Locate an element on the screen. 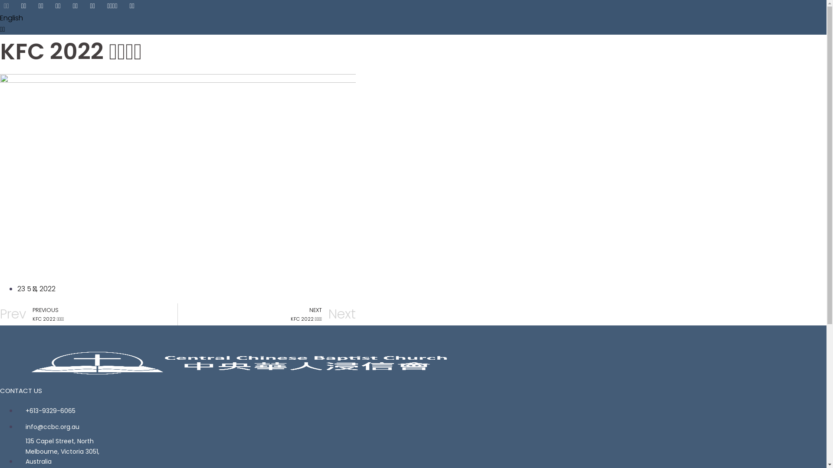  'English' is located at coordinates (11, 18).